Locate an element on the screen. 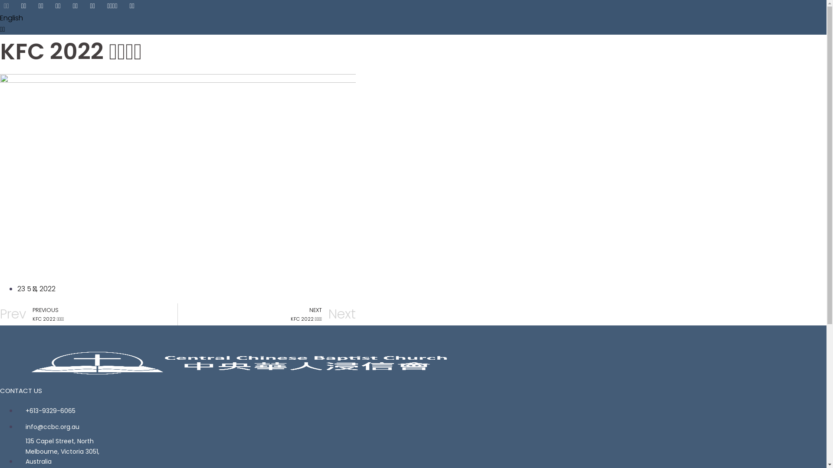  'English' is located at coordinates (11, 18).